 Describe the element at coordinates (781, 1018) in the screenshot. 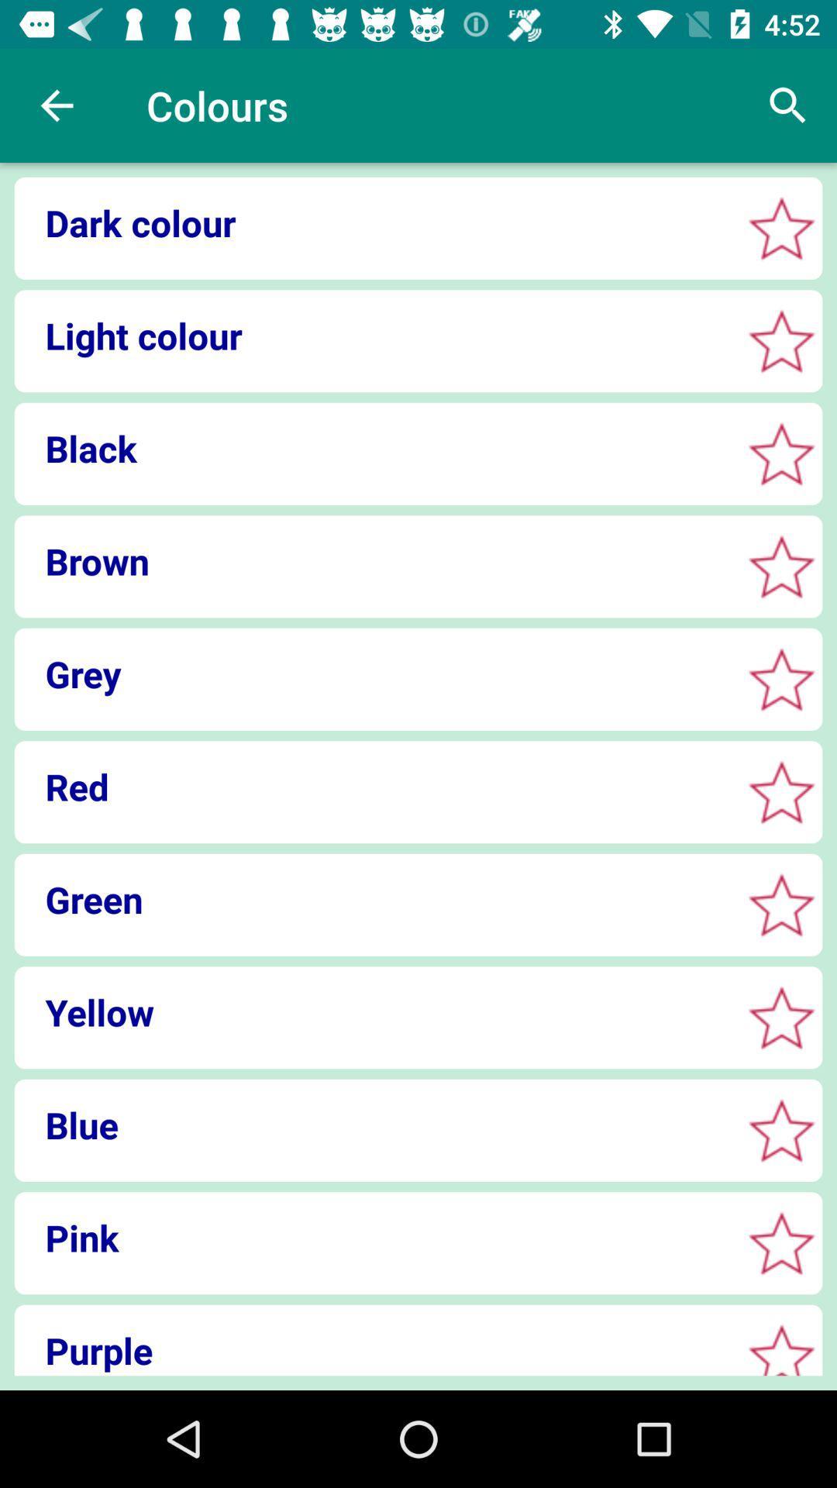

I see `yellow` at that location.